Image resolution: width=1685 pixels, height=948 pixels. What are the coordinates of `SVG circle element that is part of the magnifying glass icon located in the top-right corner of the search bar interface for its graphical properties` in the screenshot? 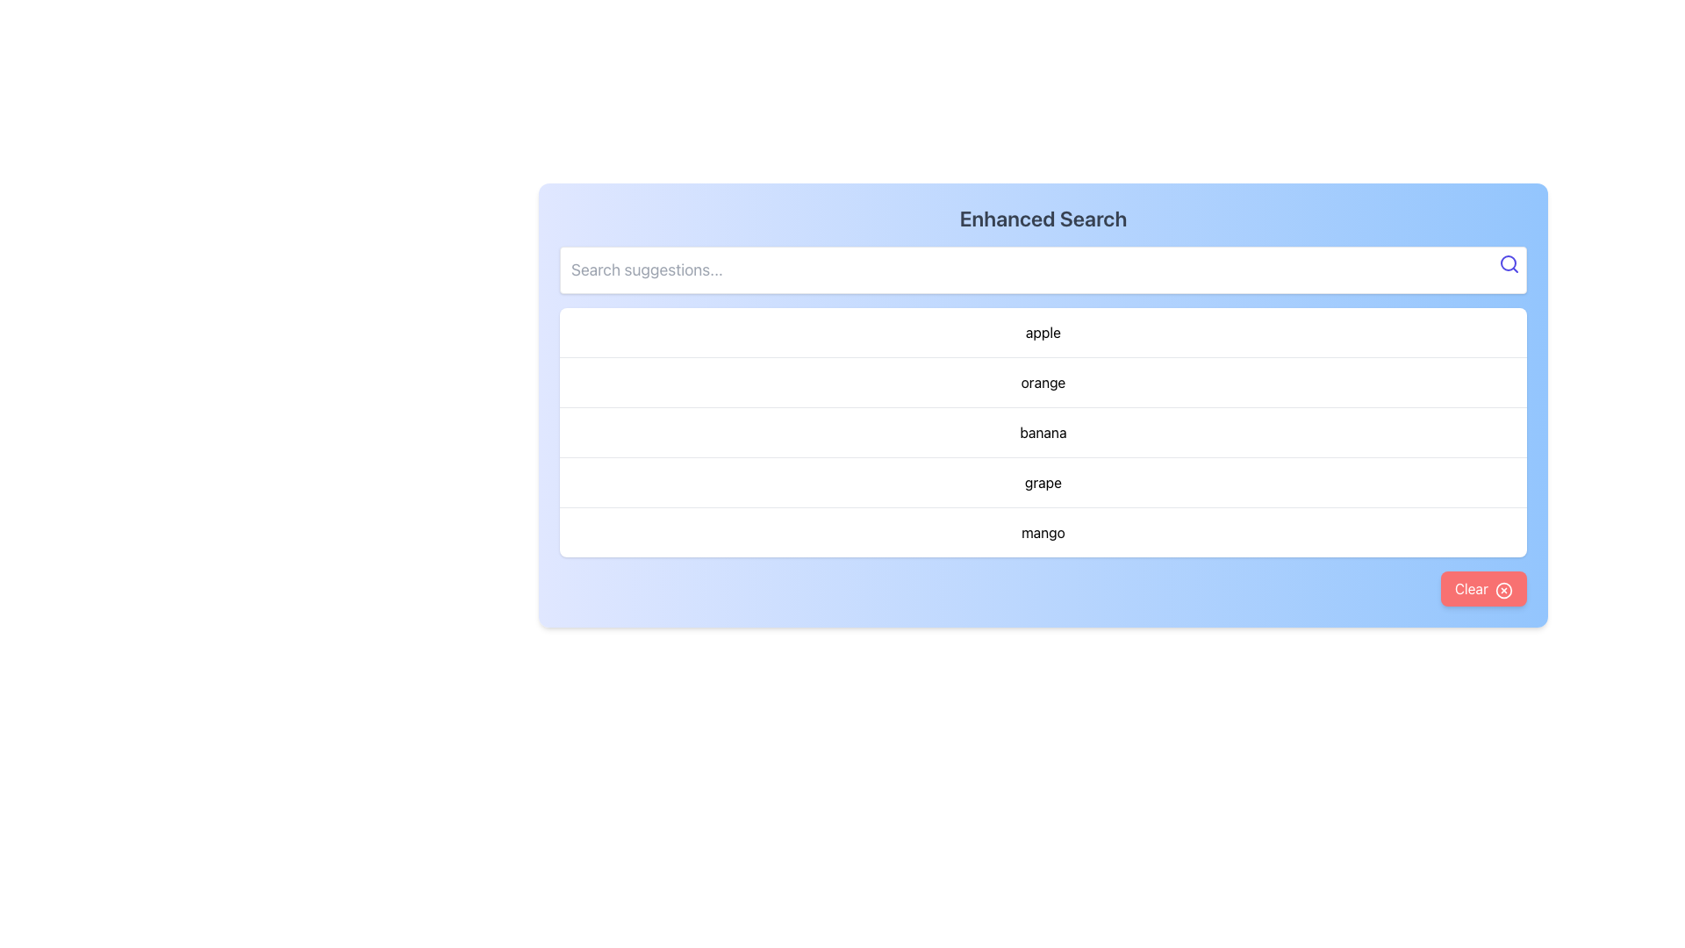 It's located at (1507, 263).